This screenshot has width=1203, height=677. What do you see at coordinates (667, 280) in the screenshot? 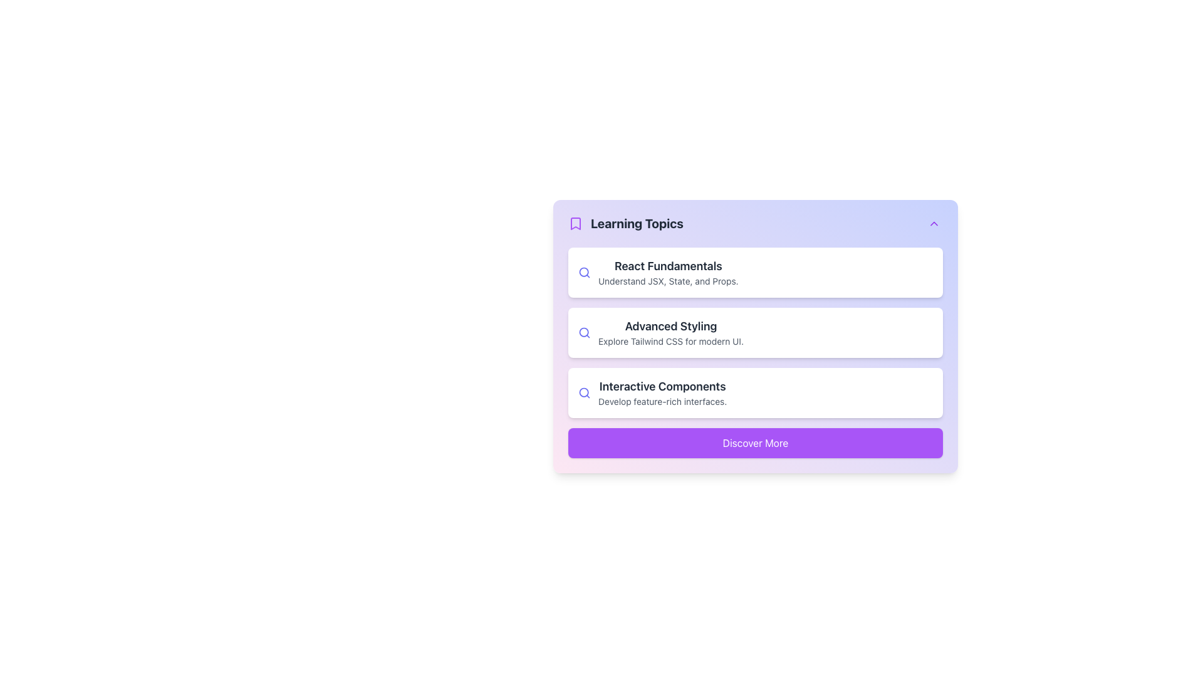
I see `the text snippet styled in a smaller font size and gray color located beneath the 'React Fundamentals' heading in the Learning Topics section` at bounding box center [667, 280].